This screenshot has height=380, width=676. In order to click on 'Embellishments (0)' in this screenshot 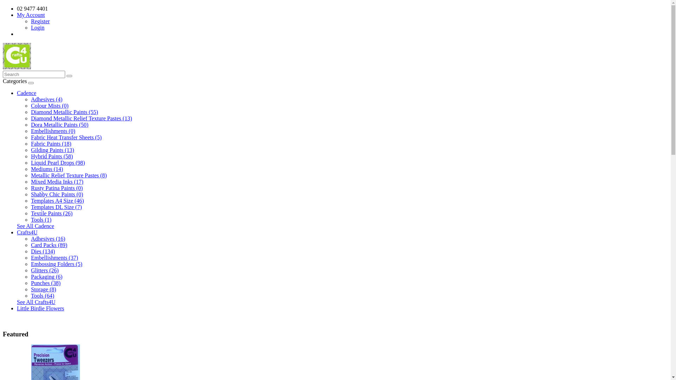, I will do `click(52, 131)`.